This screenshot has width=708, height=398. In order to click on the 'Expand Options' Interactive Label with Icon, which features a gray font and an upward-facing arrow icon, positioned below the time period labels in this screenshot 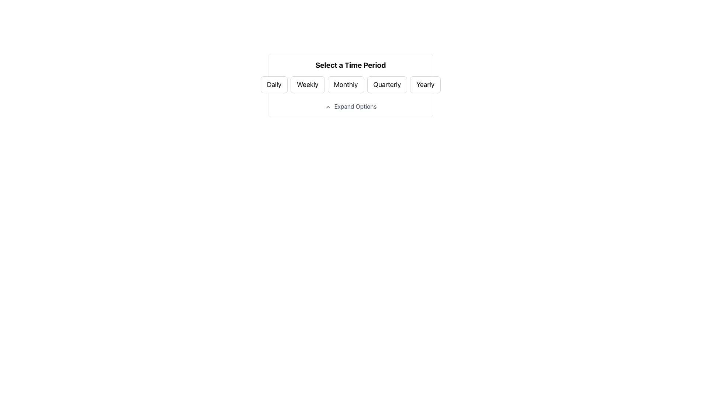, I will do `click(350, 107)`.